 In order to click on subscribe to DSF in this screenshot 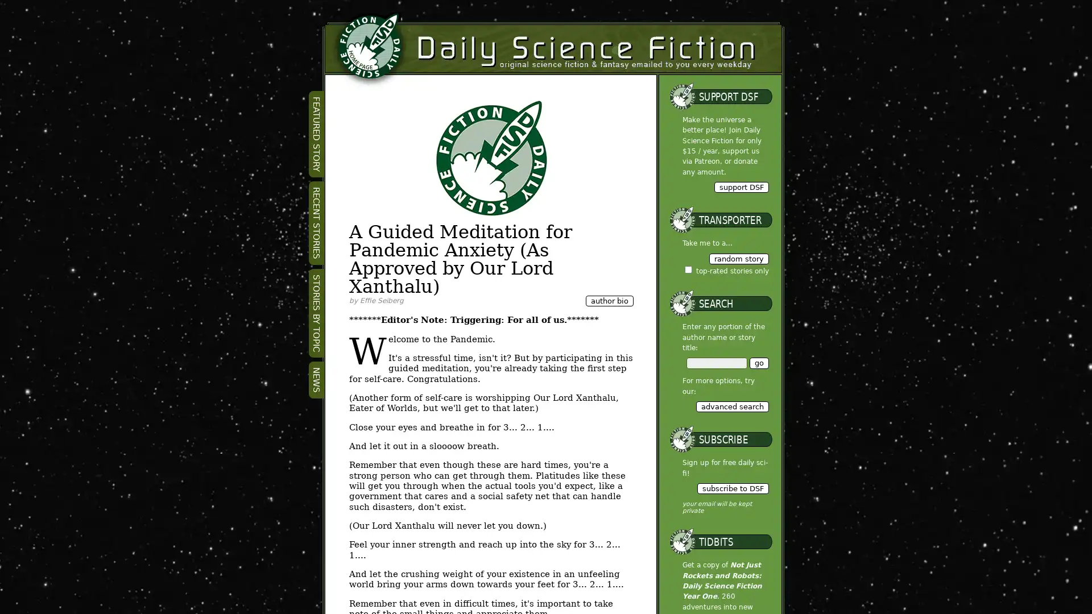, I will do `click(732, 488)`.